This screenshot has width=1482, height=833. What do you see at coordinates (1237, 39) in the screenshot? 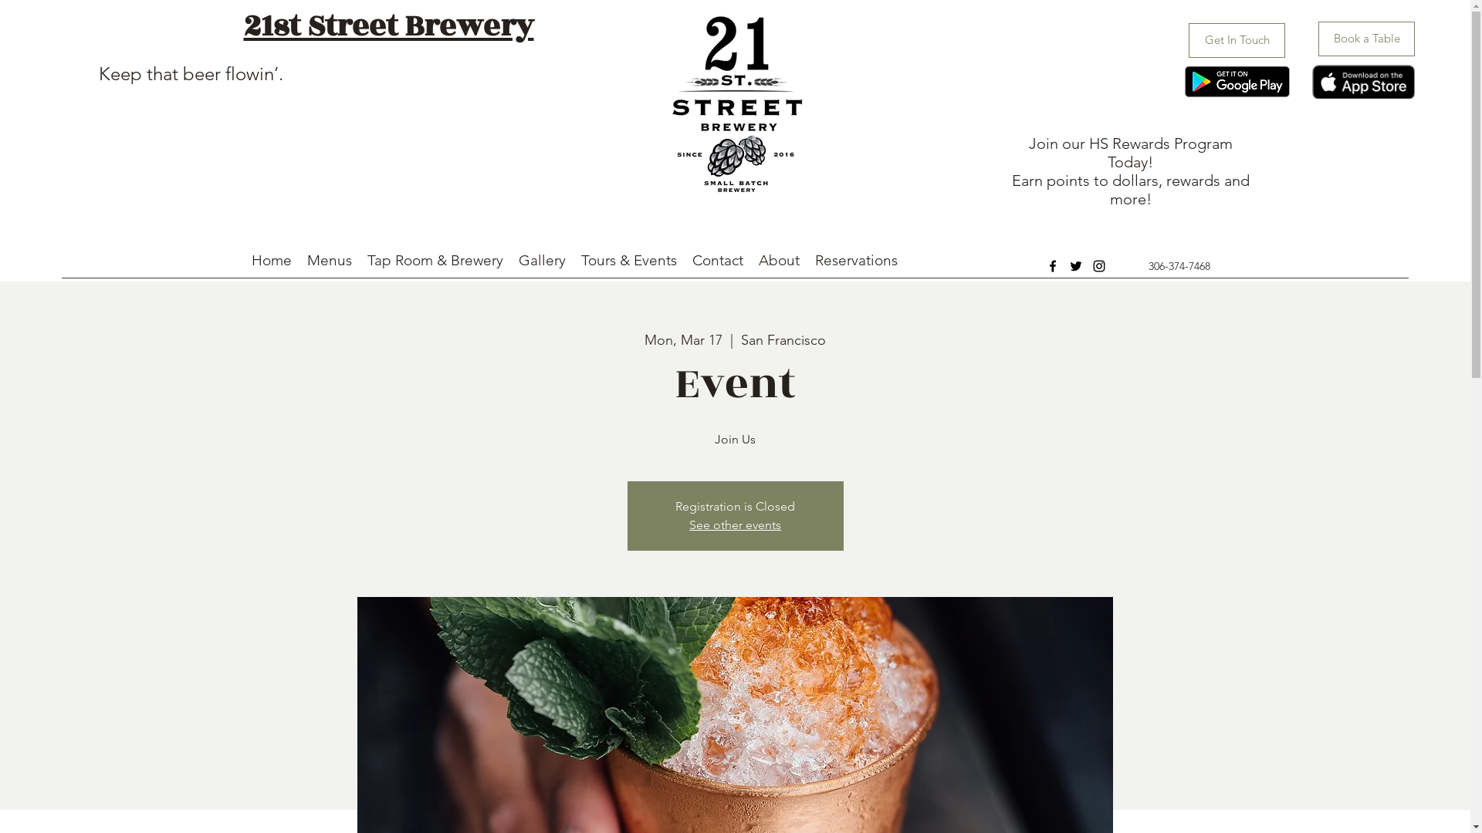
I see `'Get In Touch'` at bounding box center [1237, 39].